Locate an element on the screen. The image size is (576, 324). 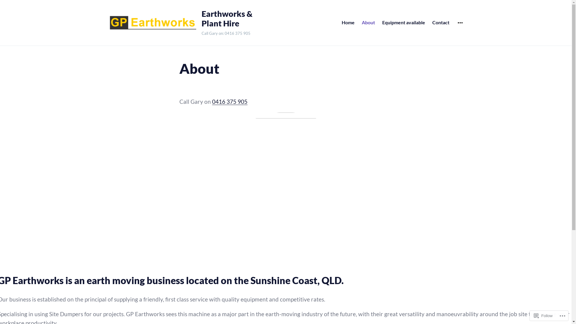
'Home' is located at coordinates (348, 22).